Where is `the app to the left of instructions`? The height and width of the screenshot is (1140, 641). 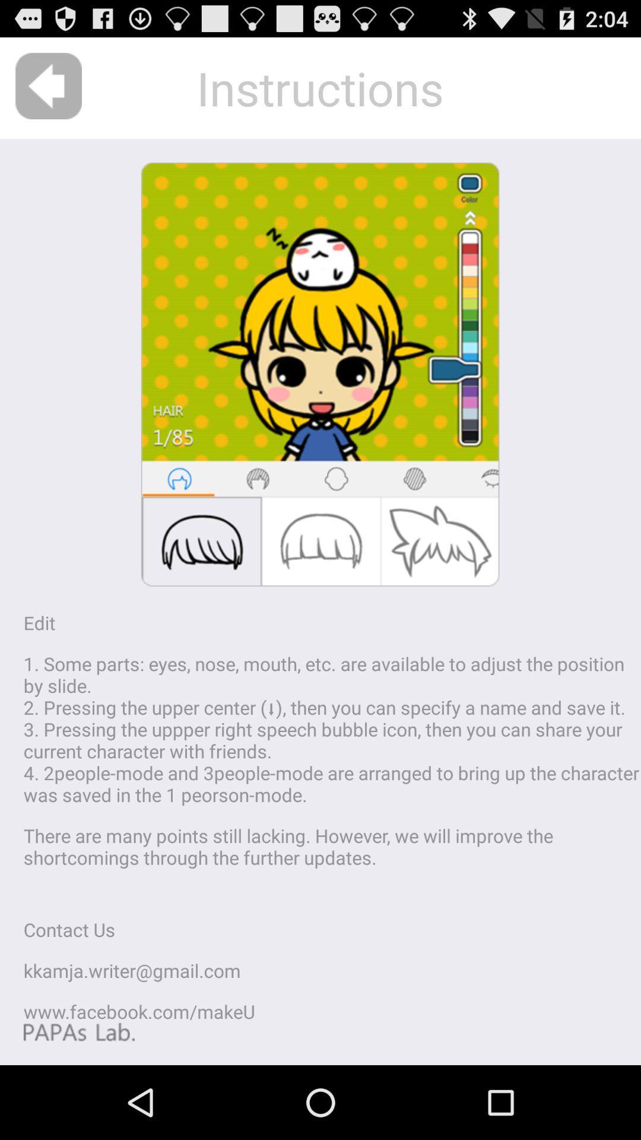 the app to the left of instructions is located at coordinates (48, 85).